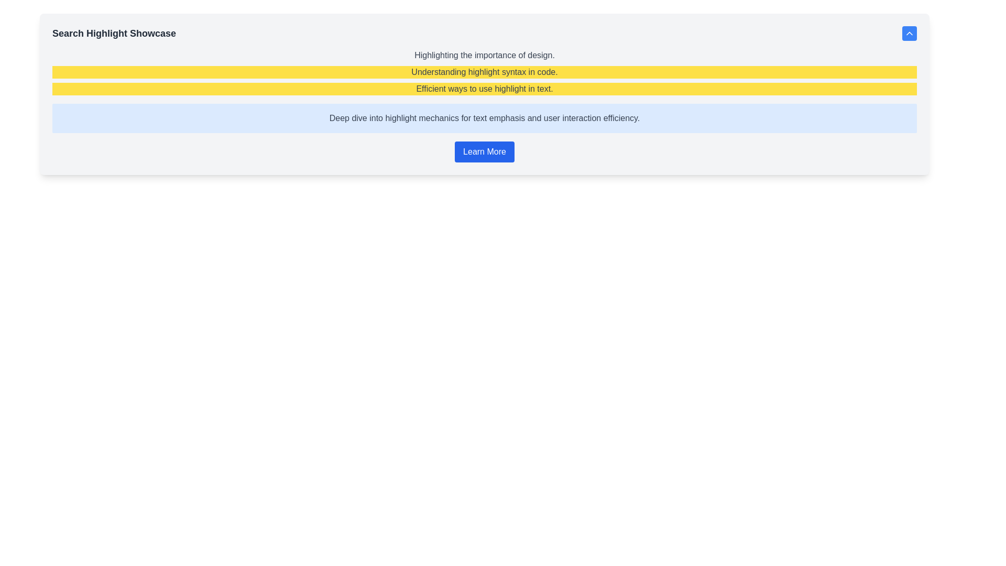 Image resolution: width=1006 pixels, height=566 pixels. Describe the element at coordinates (484, 118) in the screenshot. I see `descriptive text block located within the 'Search Highlight Showcase' section, which is the fourth text element among three yellow-highlighted items and a blue 'Learn More' button below` at that location.